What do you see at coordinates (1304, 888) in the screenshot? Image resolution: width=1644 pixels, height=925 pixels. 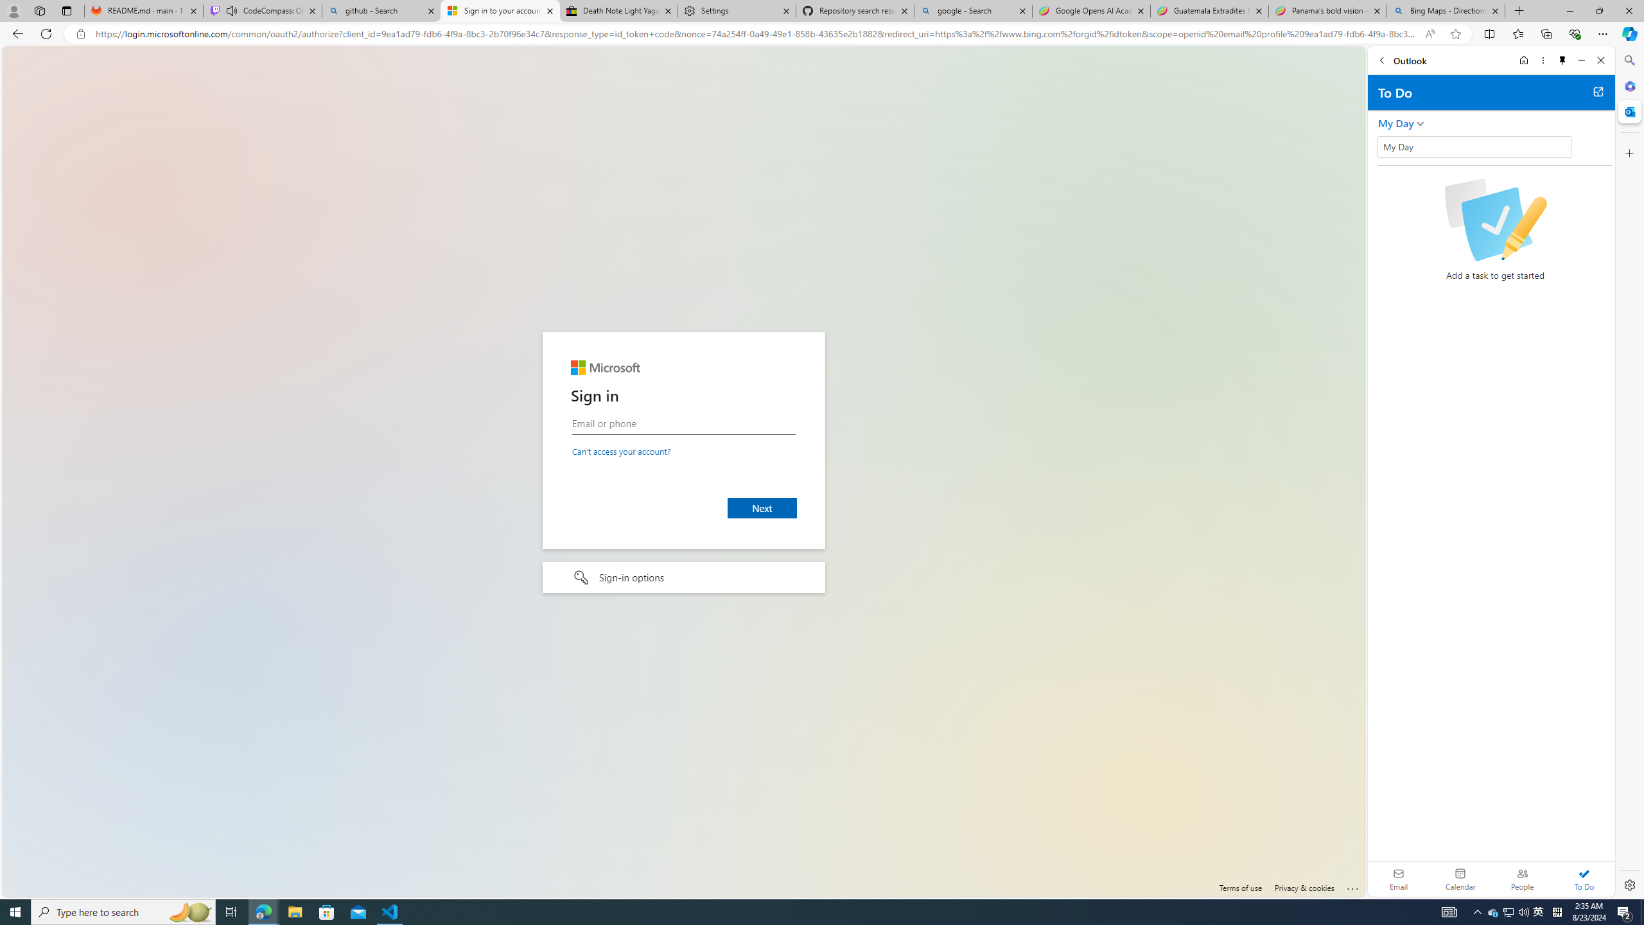 I see `'Privacy & cookies'` at bounding box center [1304, 888].